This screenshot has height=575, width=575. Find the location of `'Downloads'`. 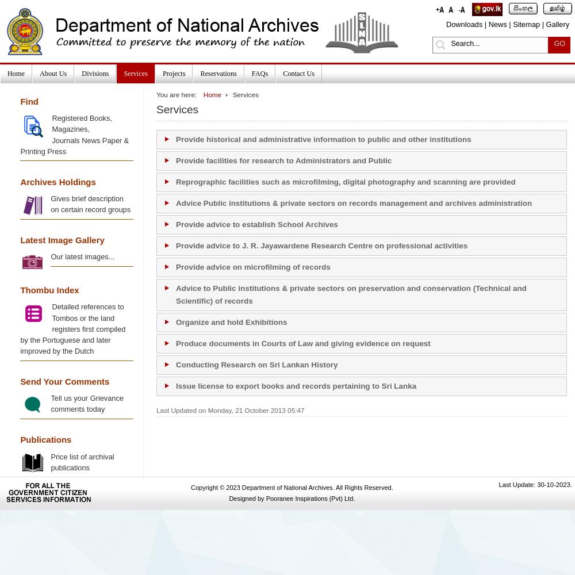

'Downloads' is located at coordinates (464, 24).